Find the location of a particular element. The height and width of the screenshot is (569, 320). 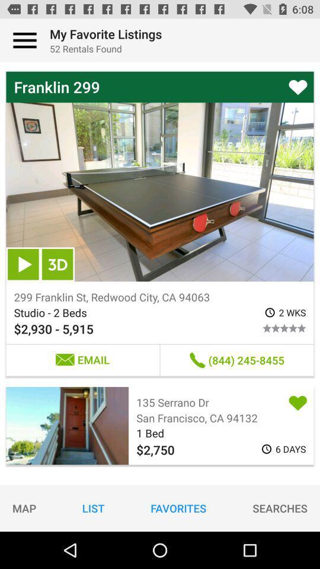

see menu is located at coordinates (25, 40).